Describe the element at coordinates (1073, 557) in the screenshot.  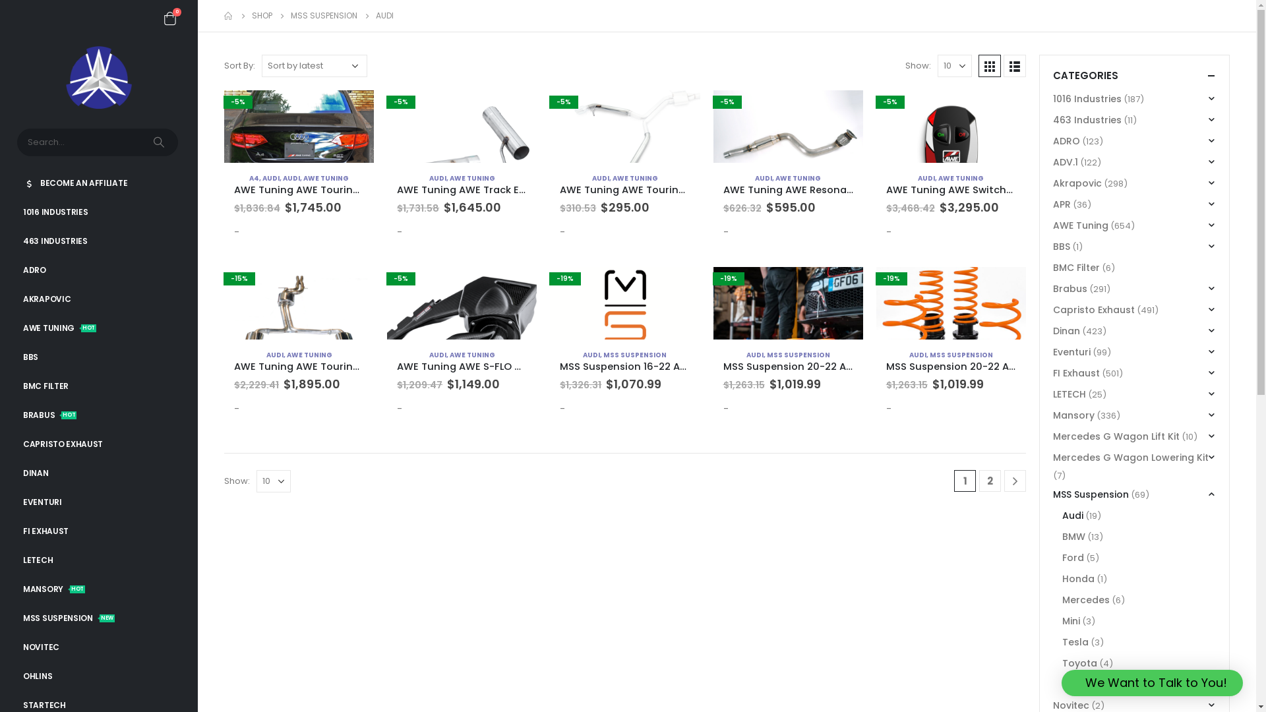
I see `'Ford'` at that location.